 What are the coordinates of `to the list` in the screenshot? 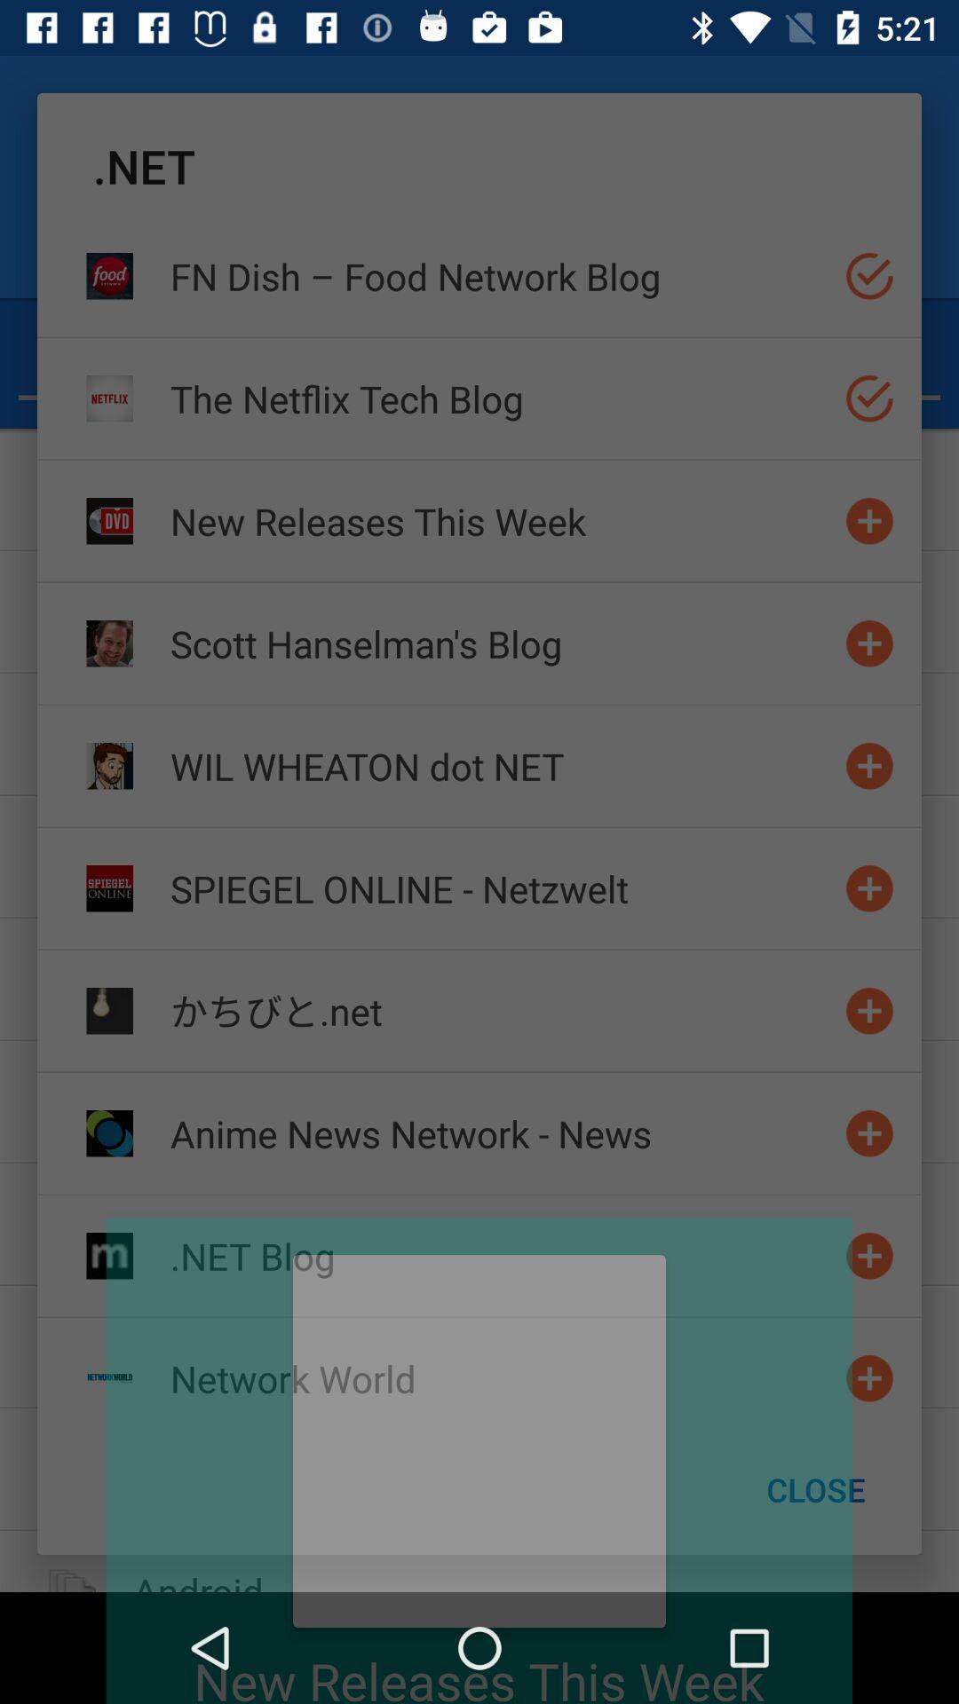 It's located at (868, 1132).